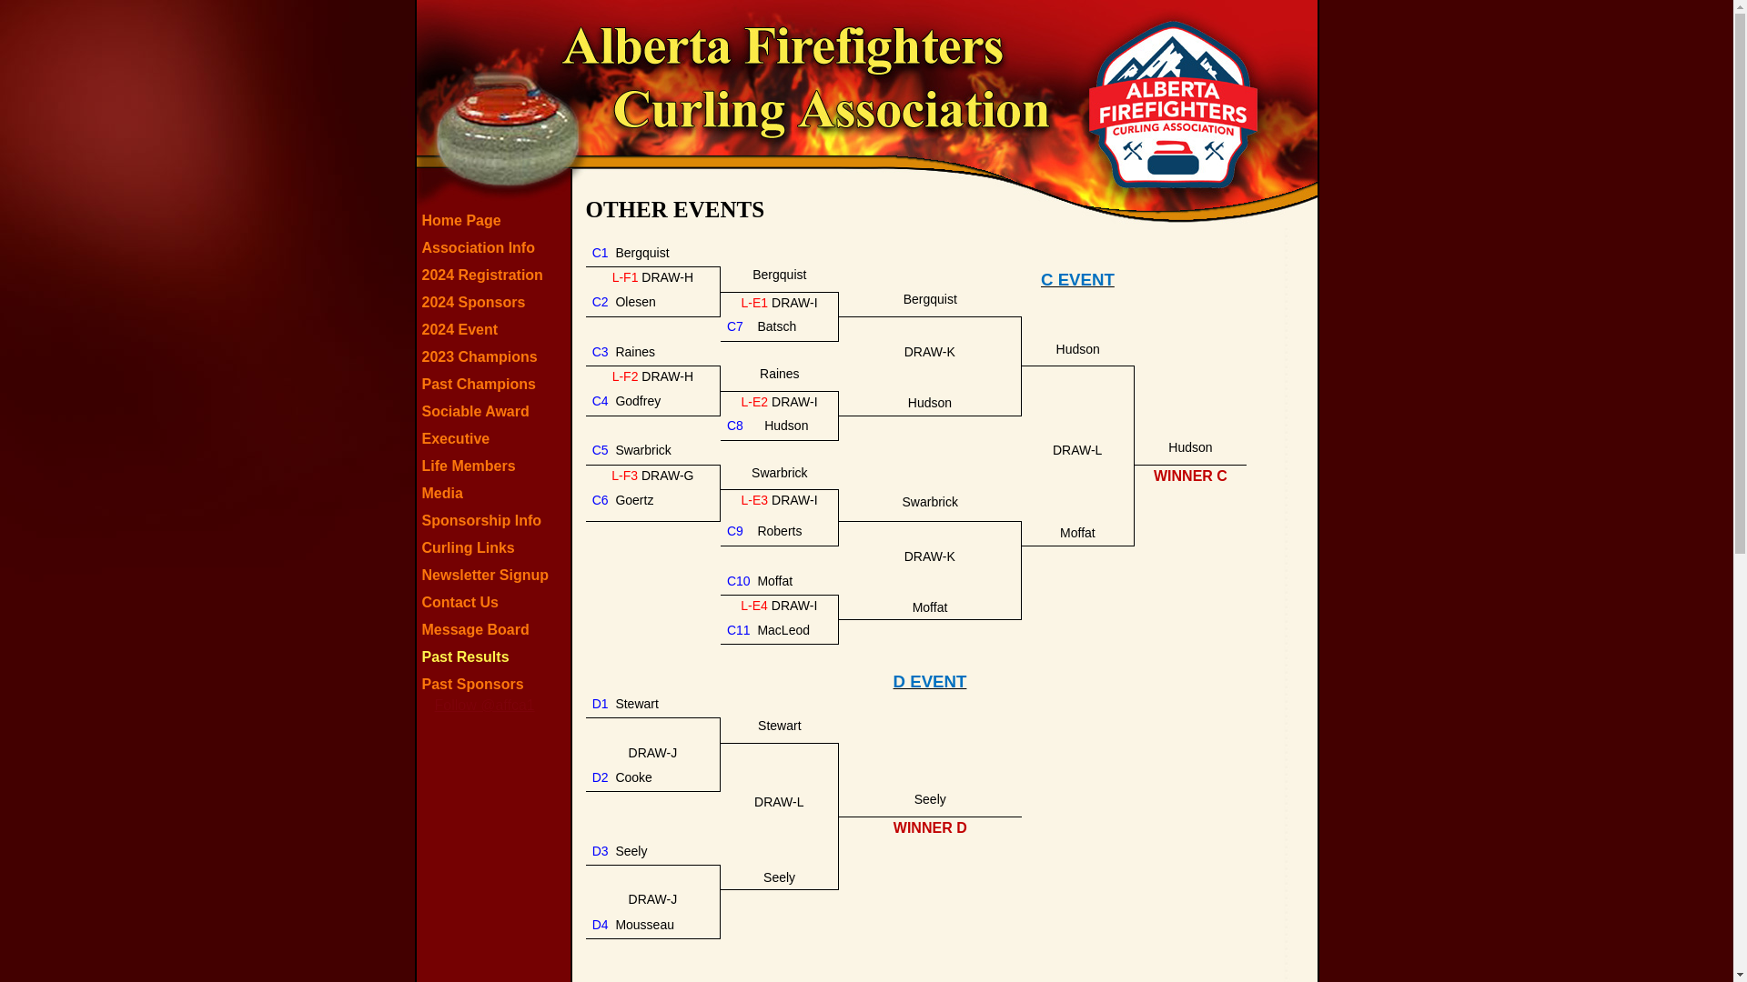 The width and height of the screenshot is (1747, 982). Describe the element at coordinates (415, 465) in the screenshot. I see `'Life Members'` at that location.